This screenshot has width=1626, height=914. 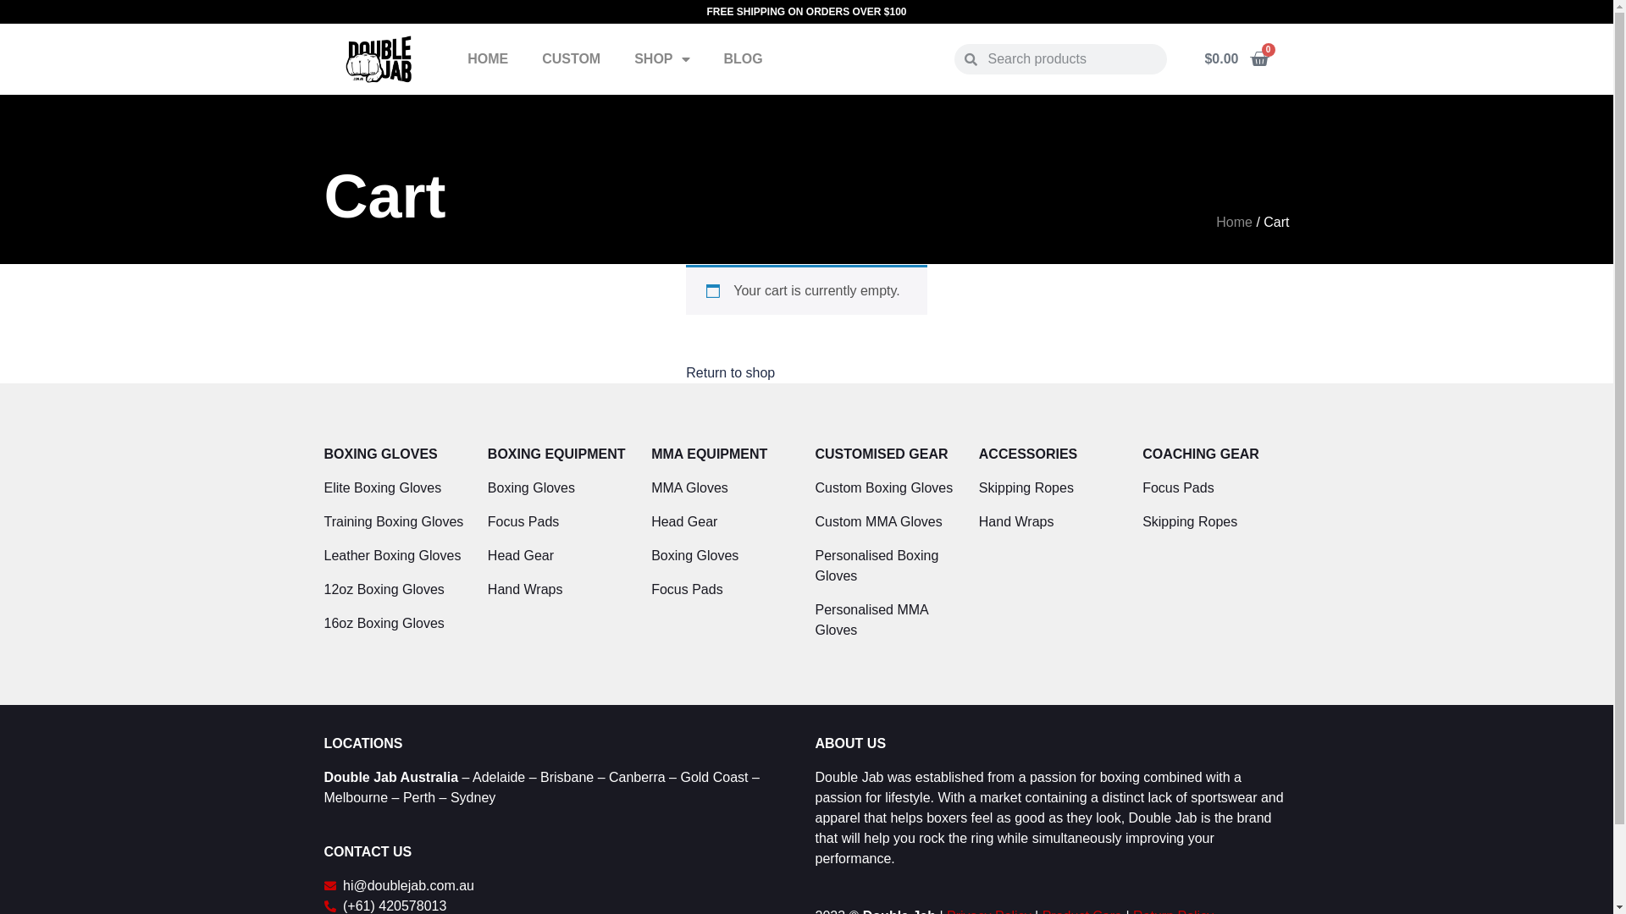 I want to click on 'MMA Gloves', so click(x=650, y=488).